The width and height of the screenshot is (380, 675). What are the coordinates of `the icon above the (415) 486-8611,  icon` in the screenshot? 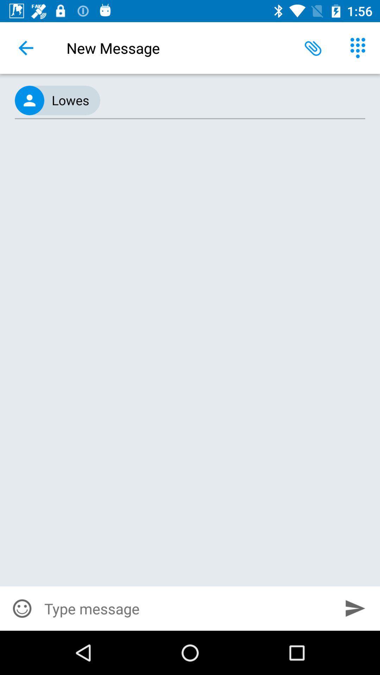 It's located at (25, 47).